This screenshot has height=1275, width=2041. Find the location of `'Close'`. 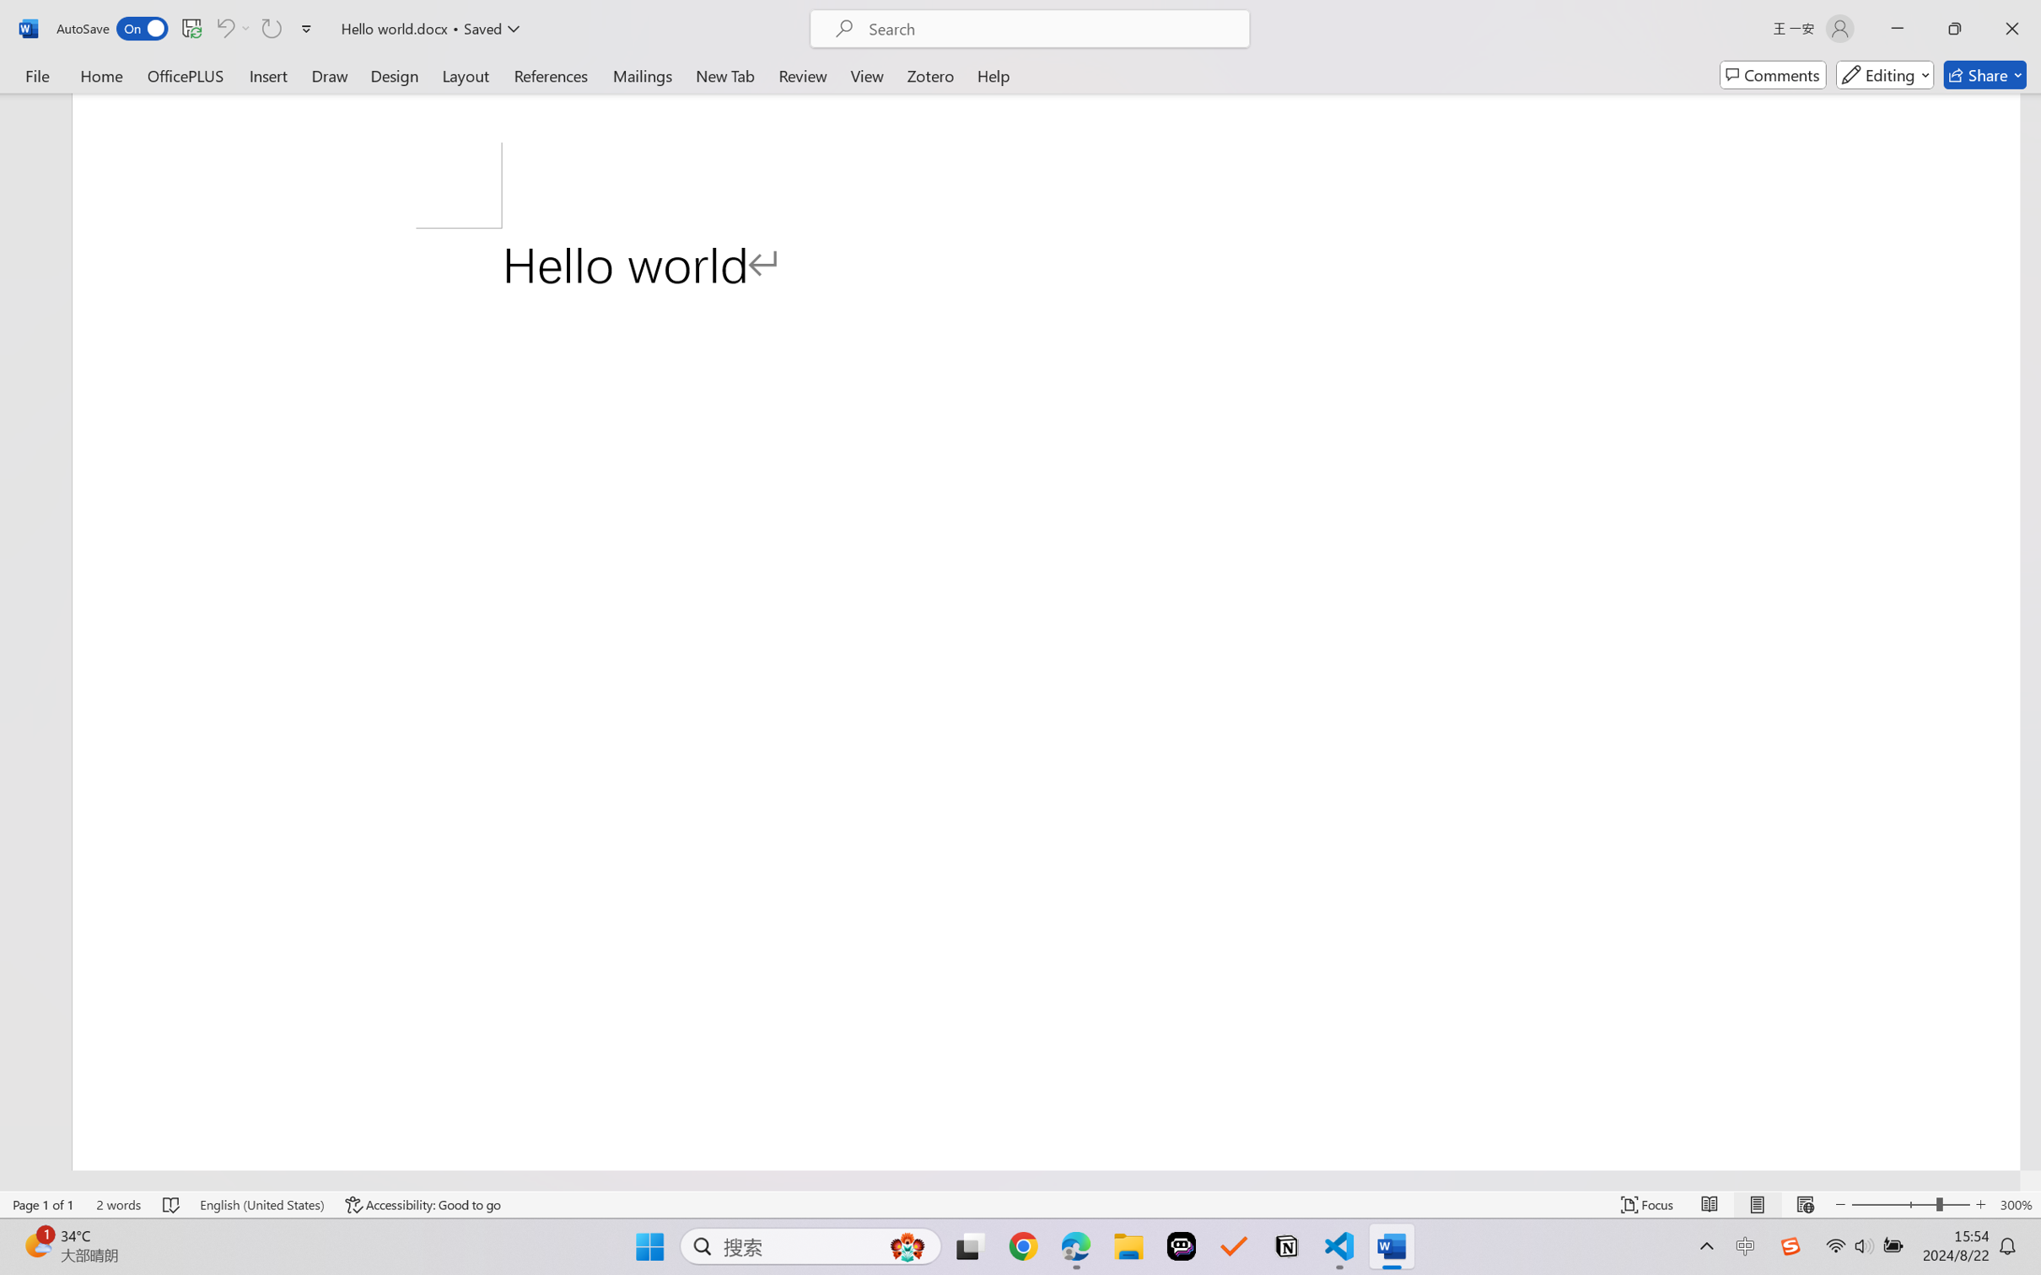

'Close' is located at coordinates (2011, 28).